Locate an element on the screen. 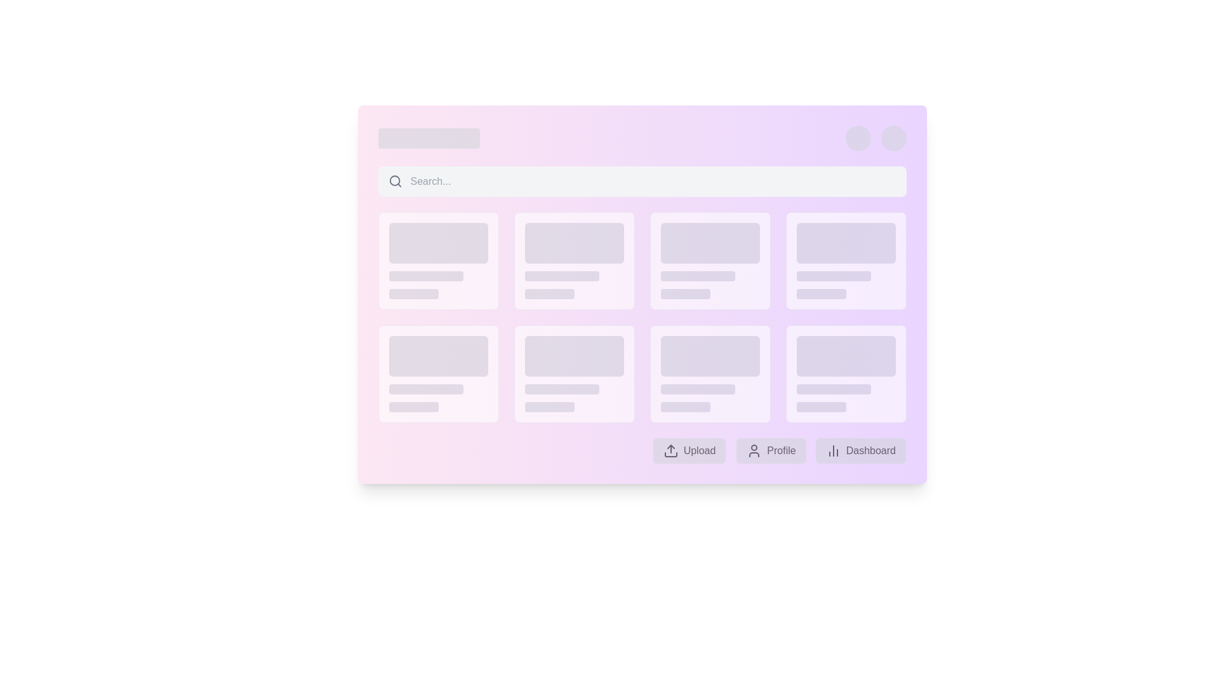 This screenshot has height=686, width=1219. the 'Upload' button, which is a rounded rectangular button with a grey background and an upload icon, located at the bottom-right corner of the interface is located at coordinates (688, 450).